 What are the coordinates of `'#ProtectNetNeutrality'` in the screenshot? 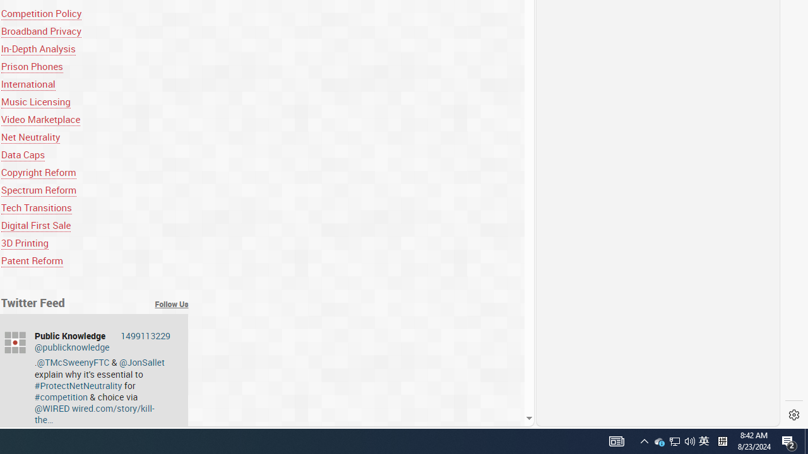 It's located at (78, 384).